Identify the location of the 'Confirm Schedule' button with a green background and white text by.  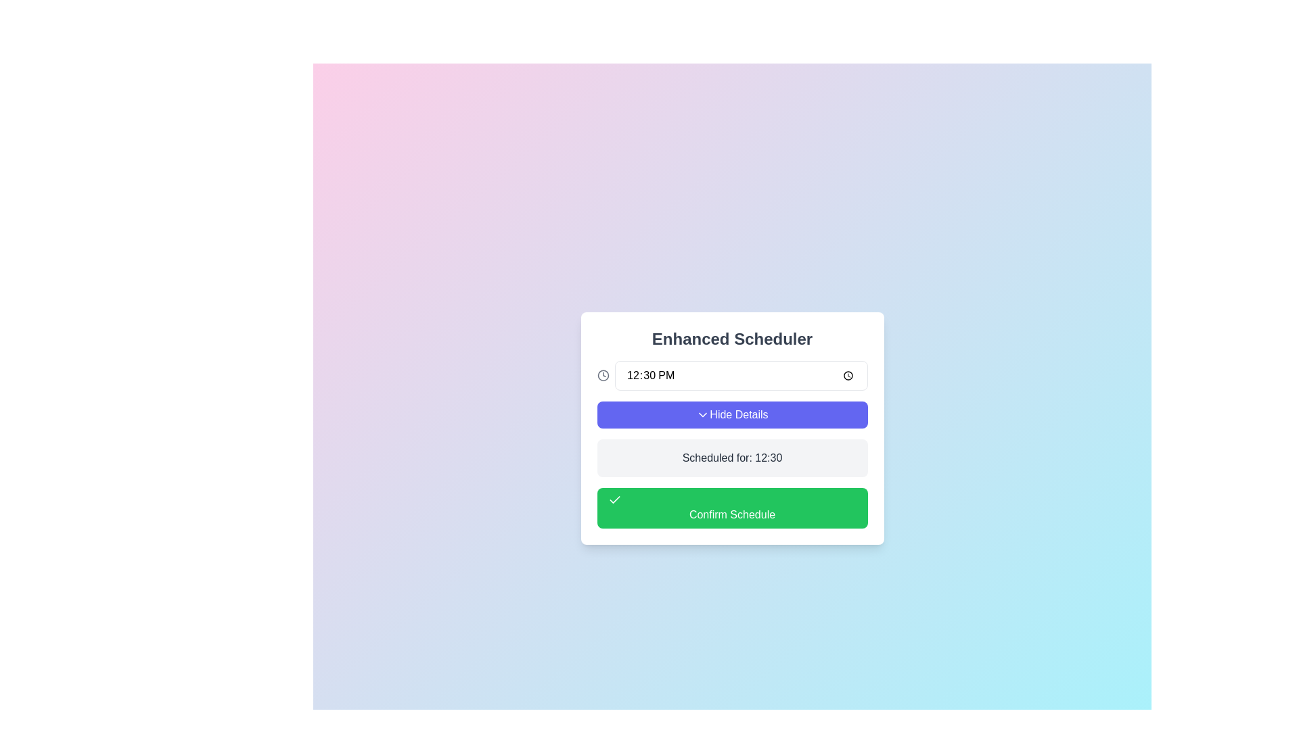
(731, 508).